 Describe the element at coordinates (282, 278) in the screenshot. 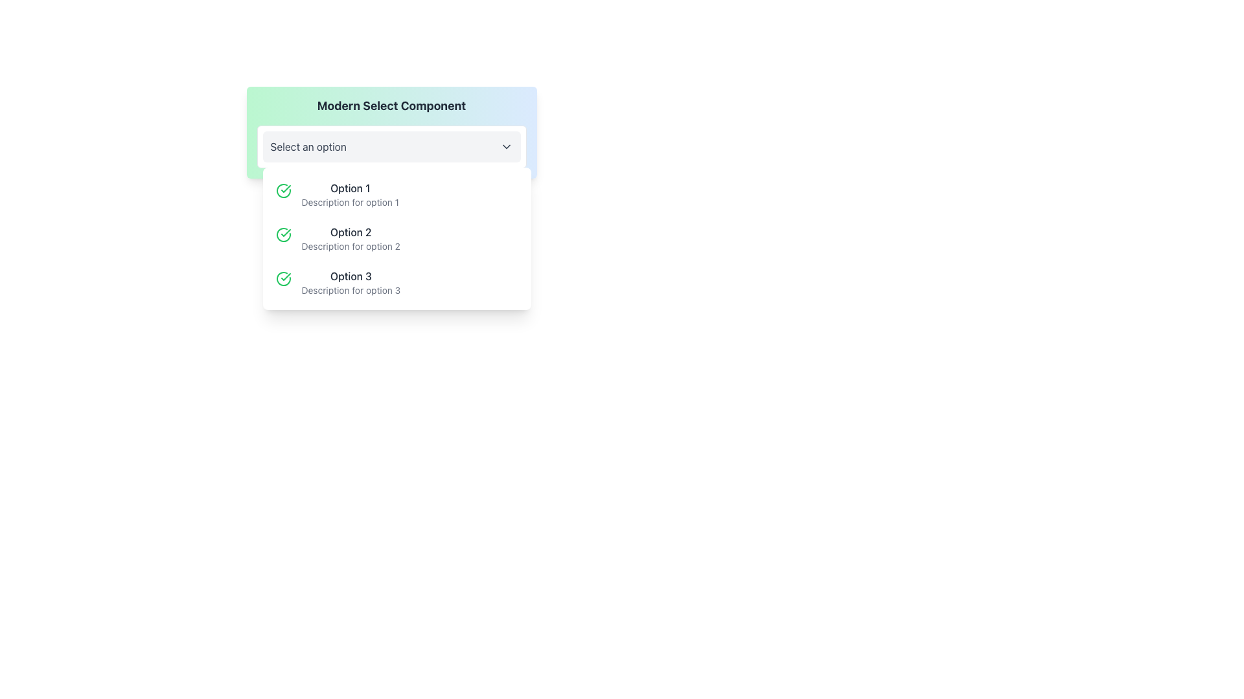

I see `the circular green check mark icon that indicates a confirmation state, located to the left of the text 'Option 3' in a vertical list of options` at that location.